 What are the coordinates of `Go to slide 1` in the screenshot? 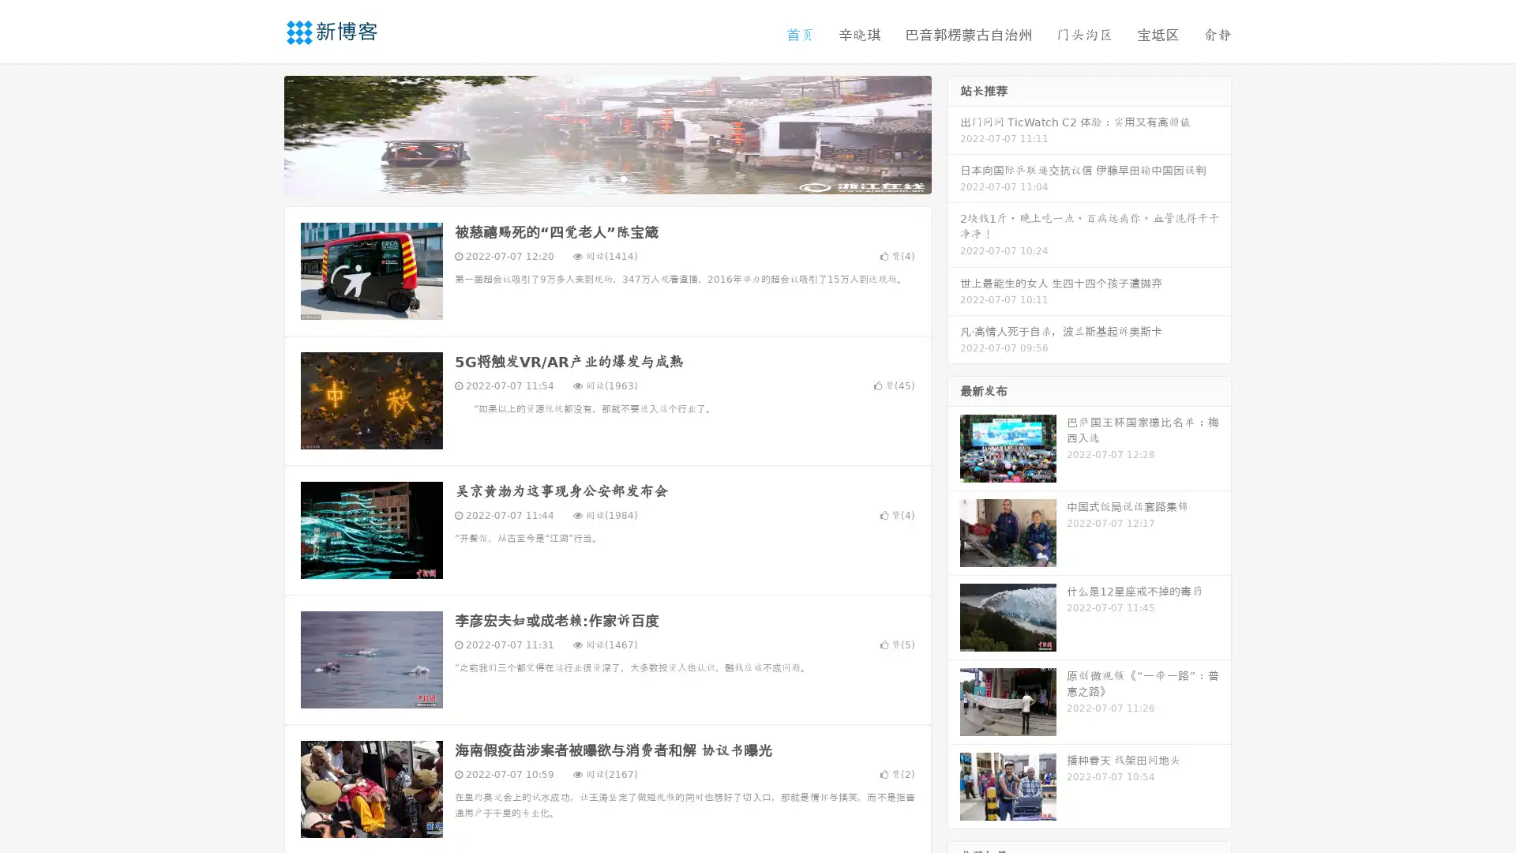 It's located at (591, 178).